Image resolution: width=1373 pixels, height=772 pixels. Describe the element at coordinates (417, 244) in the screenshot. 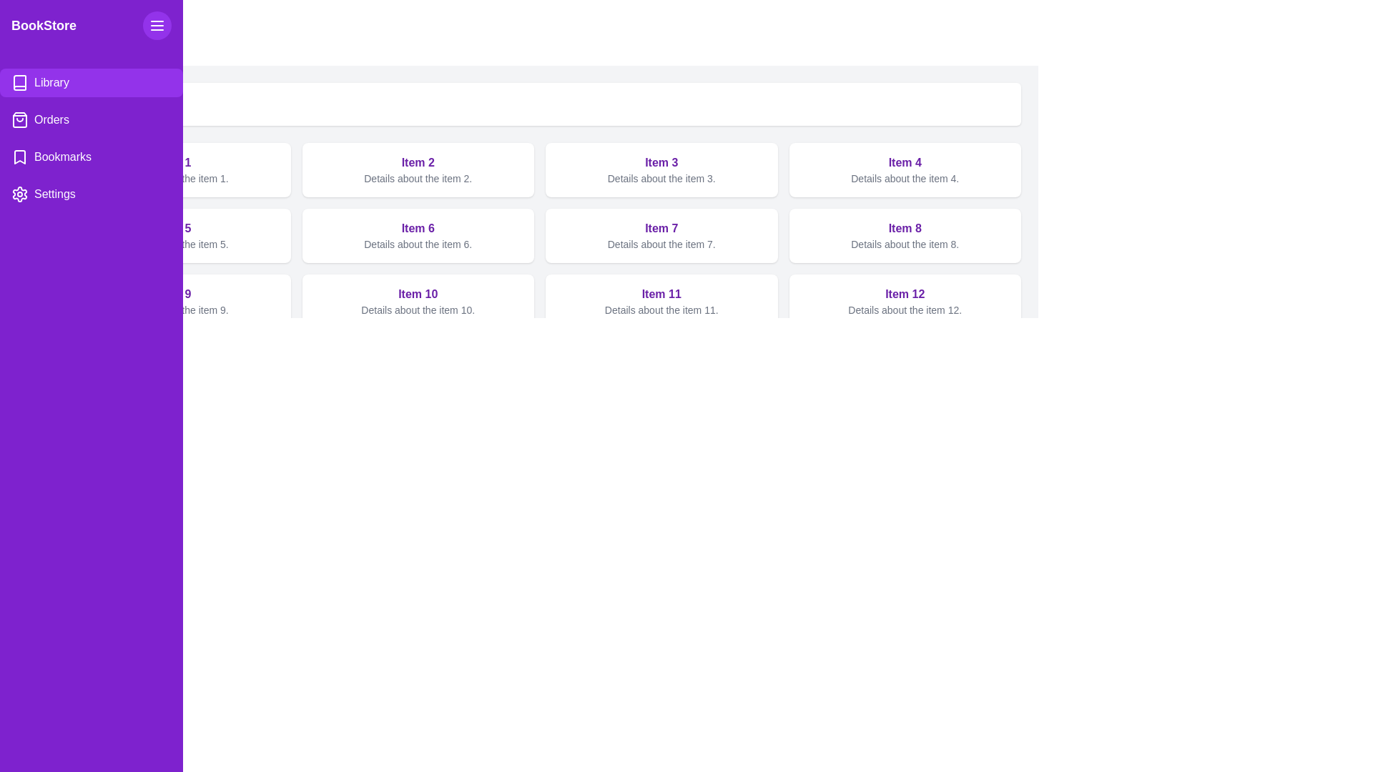

I see `the static text label providing supplementary information for the card titled 'Item 6', located in the second row and third column of the grid layout` at that location.